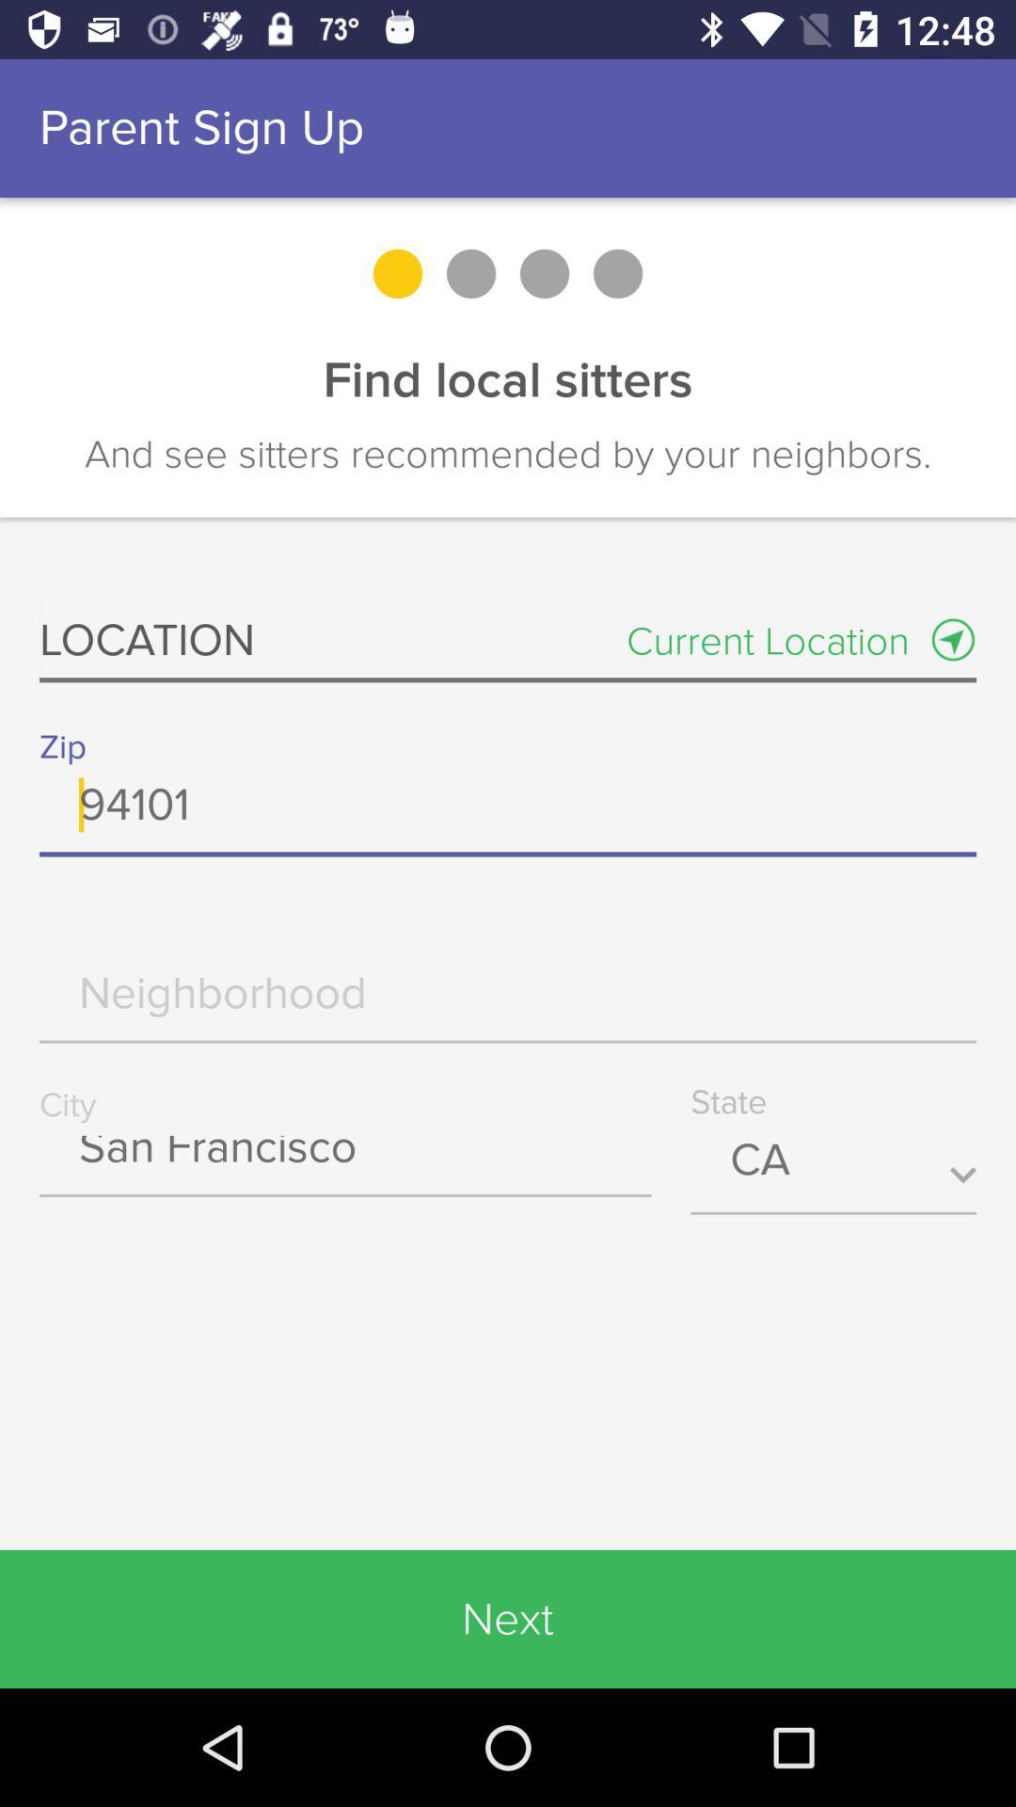 This screenshot has height=1807, width=1016. I want to click on neighborhood info, so click(508, 1005).